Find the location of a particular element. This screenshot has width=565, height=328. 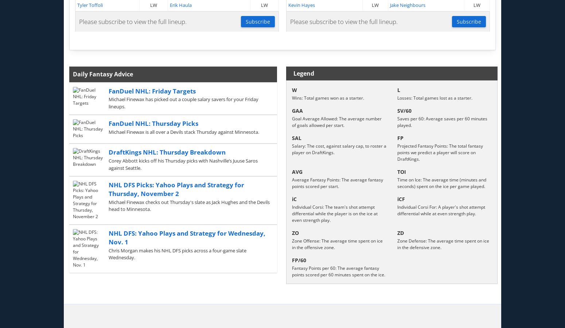

'Corey Abbott kicks off his Thursday picks with Nashville’s Juuse Saros against Seattle.' is located at coordinates (108, 164).